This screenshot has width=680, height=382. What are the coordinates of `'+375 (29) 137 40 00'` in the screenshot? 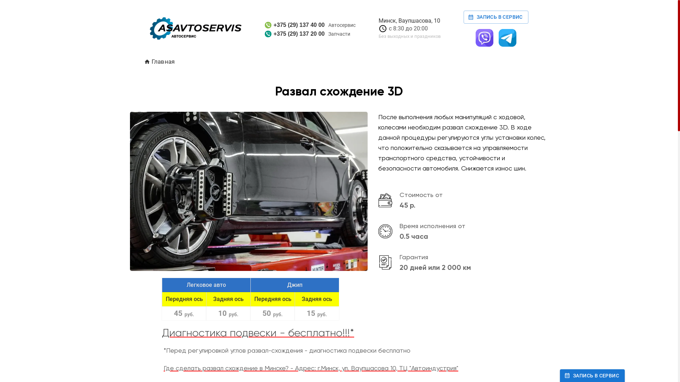 It's located at (294, 24).